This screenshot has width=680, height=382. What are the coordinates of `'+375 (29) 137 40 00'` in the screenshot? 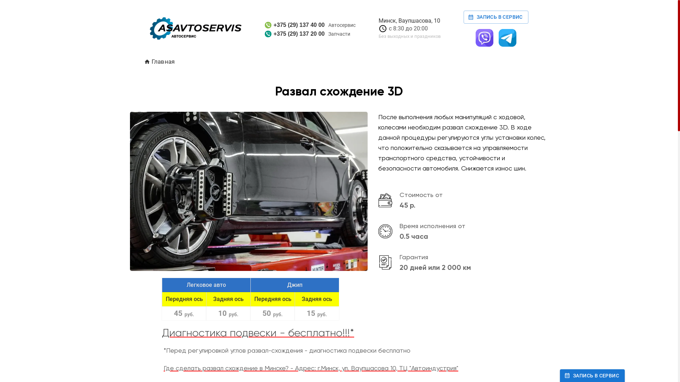 It's located at (294, 24).